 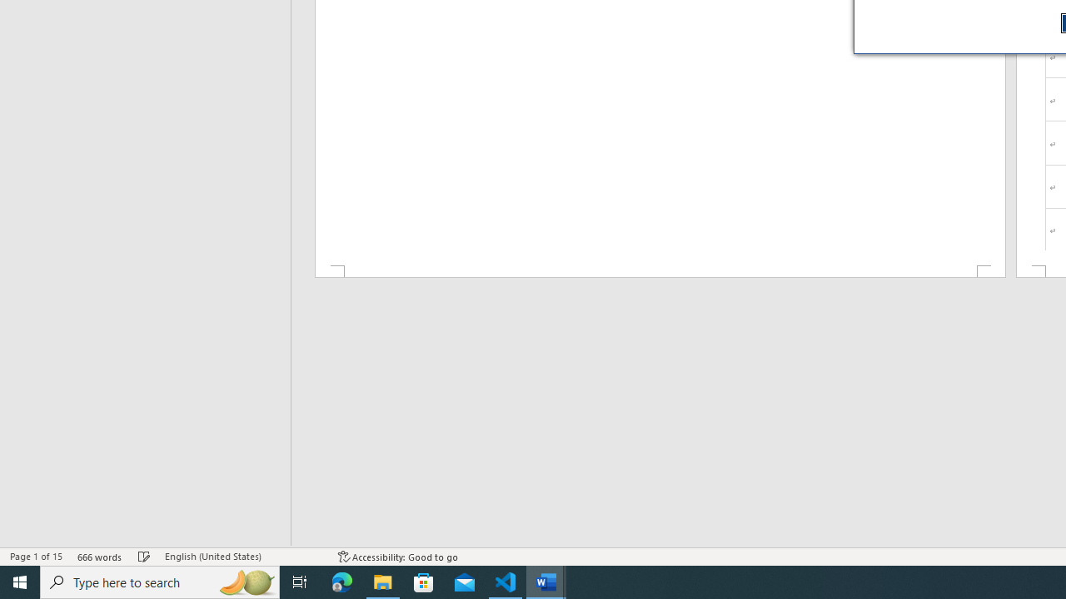 I want to click on 'Accessibility Checker Accessibility: Good to go', so click(x=397, y=557).